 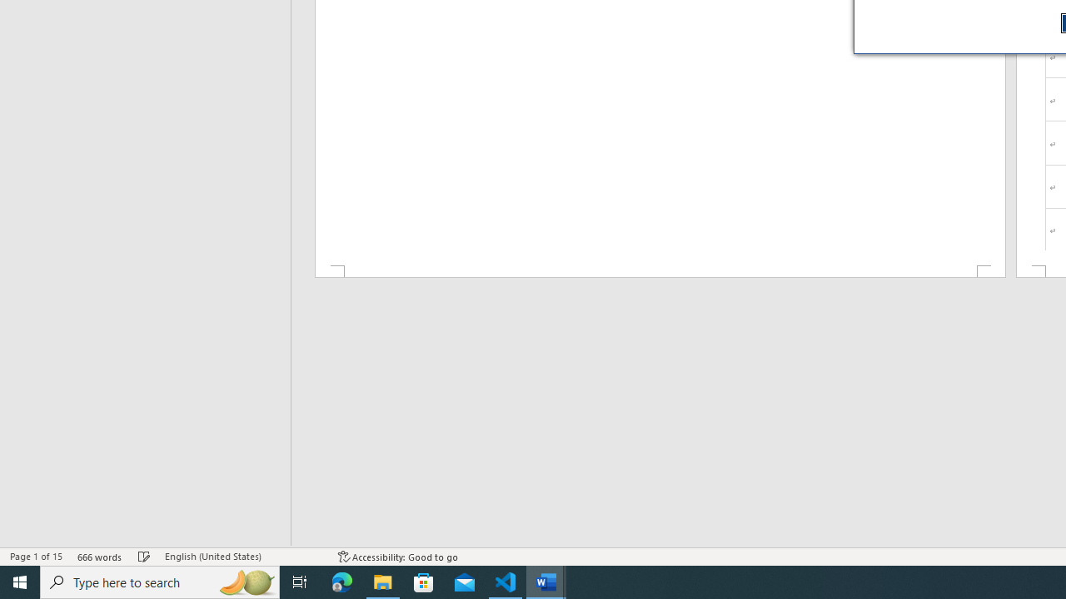 I want to click on 'Accessibility Checker Accessibility: Good to go', so click(x=397, y=557).